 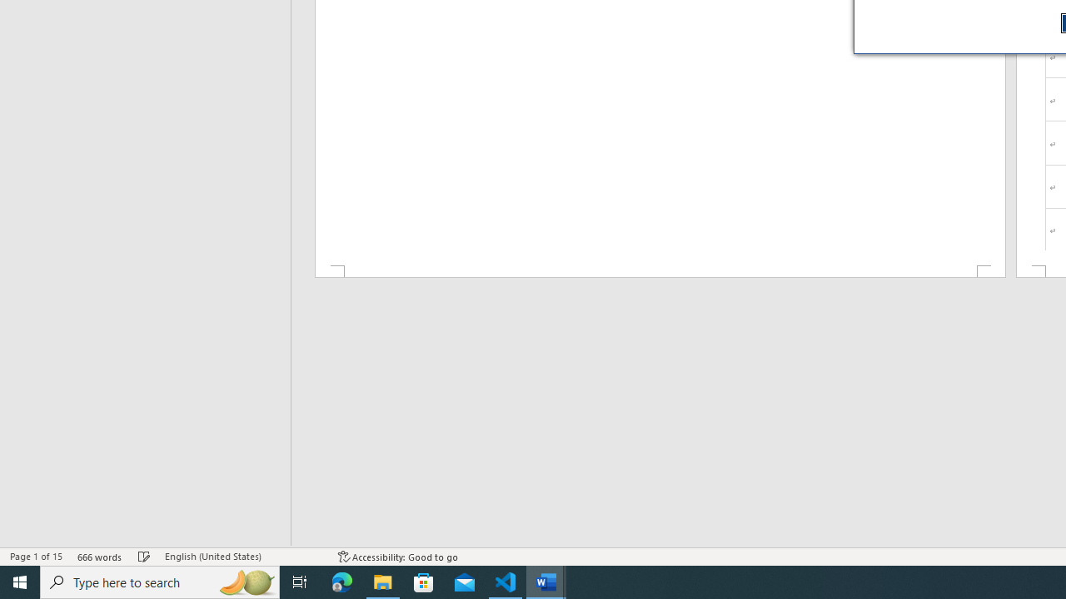 I want to click on 'Accessibility Checker Accessibility: Good to go', so click(x=397, y=557).